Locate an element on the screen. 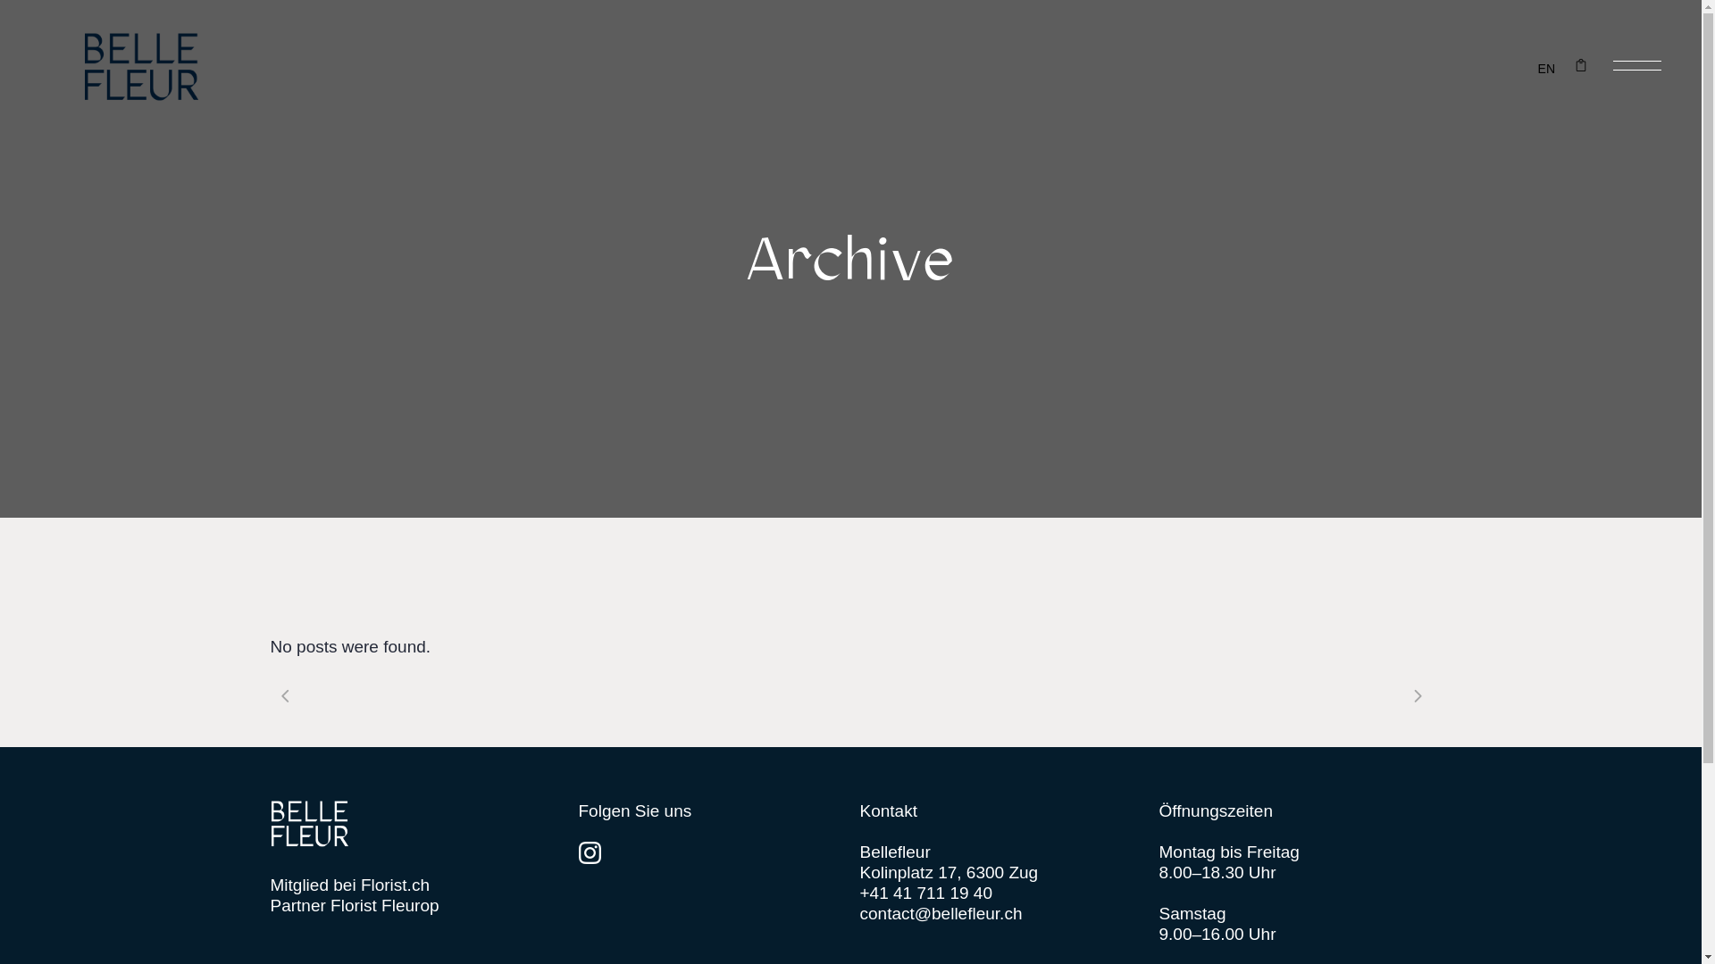 Image resolution: width=1715 pixels, height=964 pixels. 'Florist.ch' is located at coordinates (394, 885).